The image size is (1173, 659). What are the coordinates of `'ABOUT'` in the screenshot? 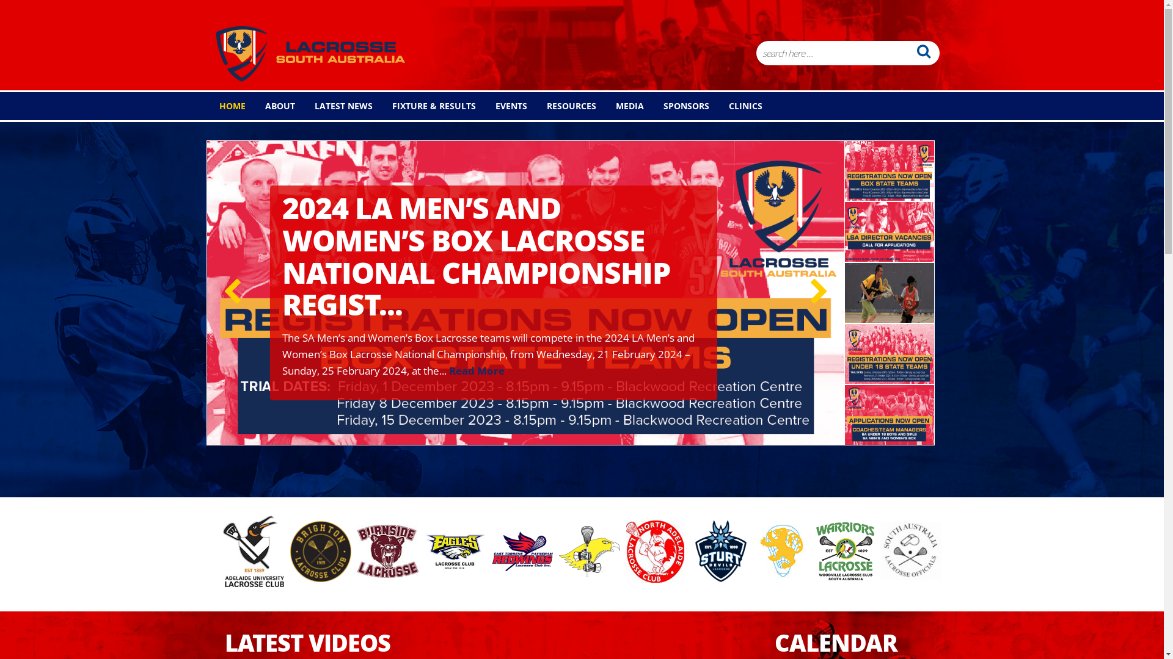 It's located at (251, 105).